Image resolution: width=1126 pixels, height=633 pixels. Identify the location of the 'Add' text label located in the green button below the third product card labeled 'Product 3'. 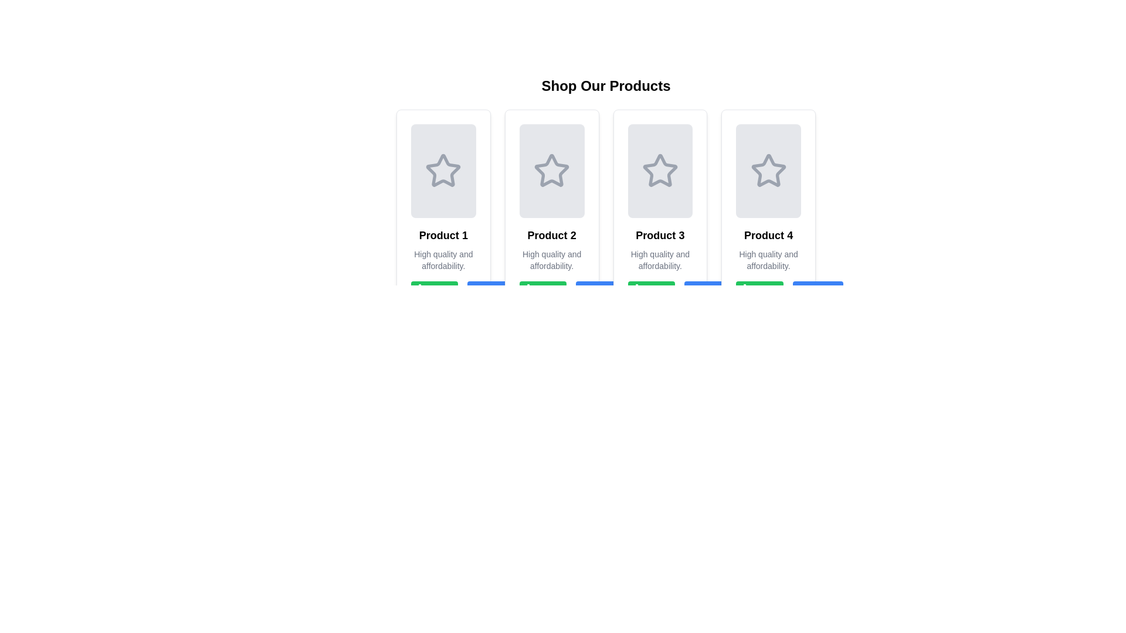
(659, 290).